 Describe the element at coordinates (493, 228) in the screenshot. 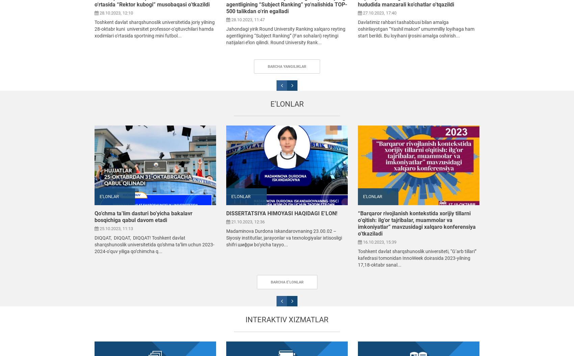

I see `'16.10.2023, 14:05'` at that location.